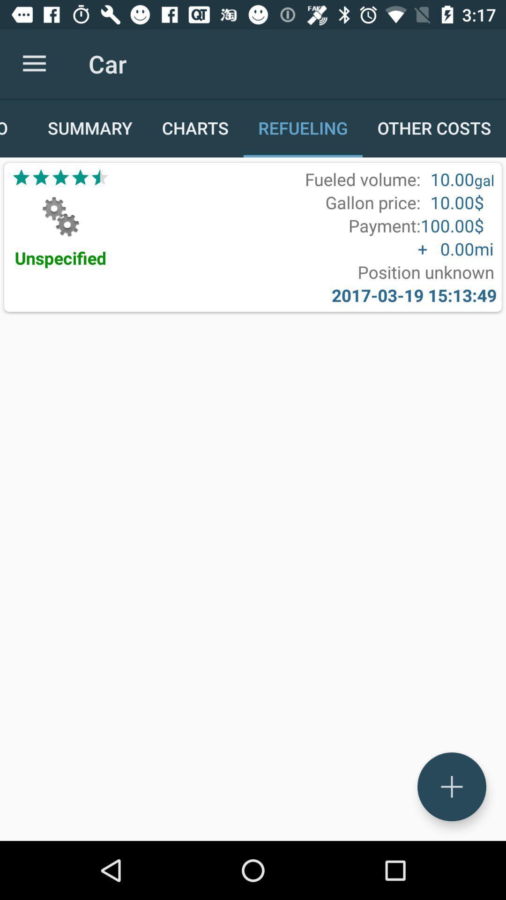 This screenshot has width=506, height=900. I want to click on item to the right of 100.00, so click(484, 249).